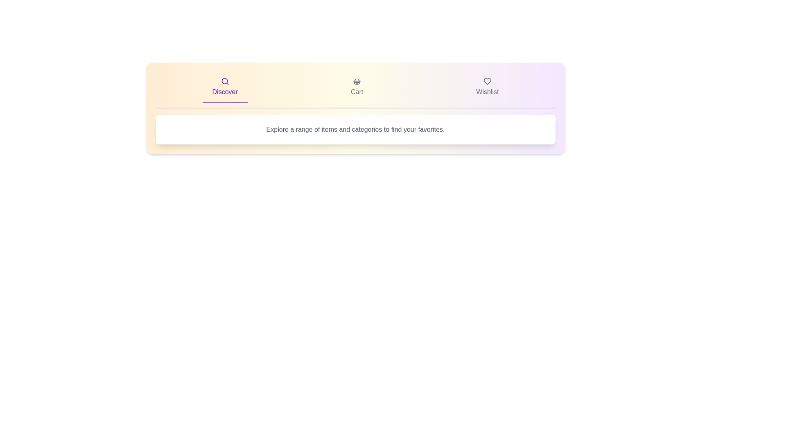 The width and height of the screenshot is (786, 442). Describe the element at coordinates (224, 87) in the screenshot. I see `the Discover tab by clicking on its button` at that location.